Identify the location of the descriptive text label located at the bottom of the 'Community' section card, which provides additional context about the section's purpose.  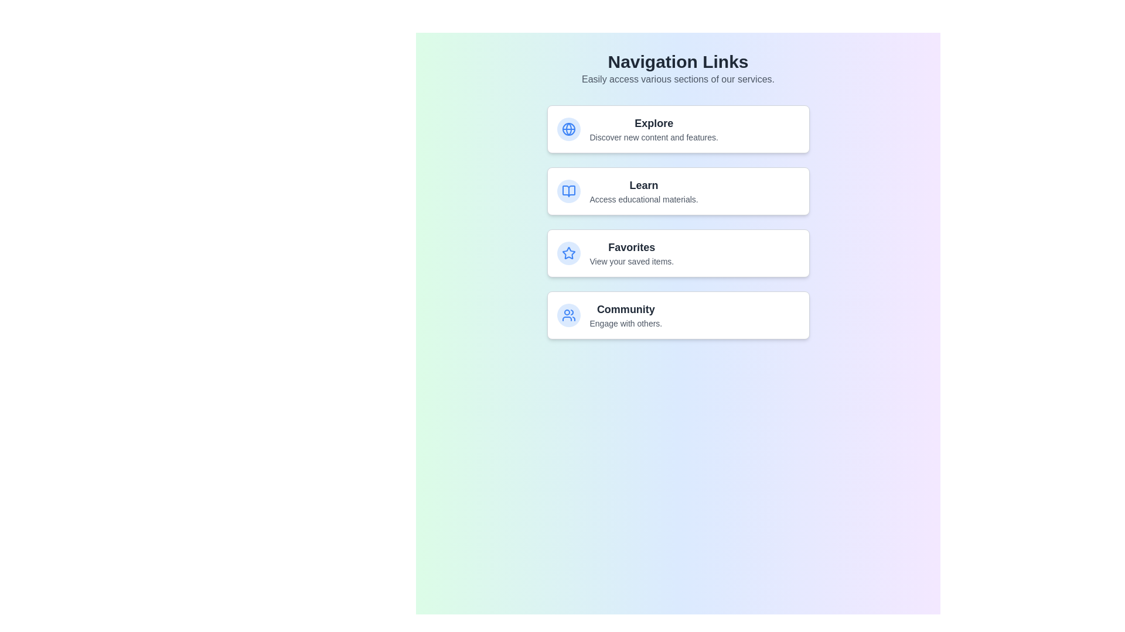
(625, 323).